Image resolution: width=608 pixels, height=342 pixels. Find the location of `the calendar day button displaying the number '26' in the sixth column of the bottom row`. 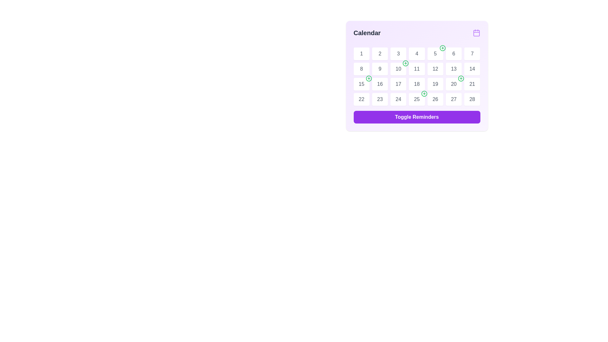

the calendar day button displaying the number '26' in the sixth column of the bottom row is located at coordinates (435, 99).